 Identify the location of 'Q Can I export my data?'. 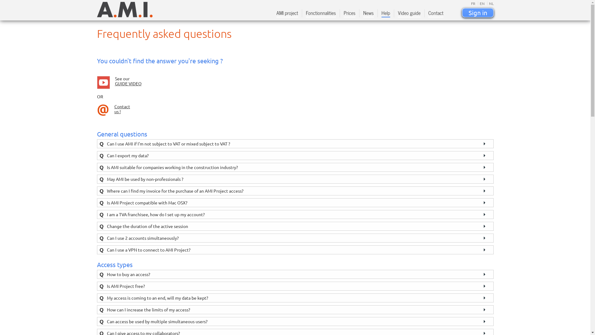
(294, 155).